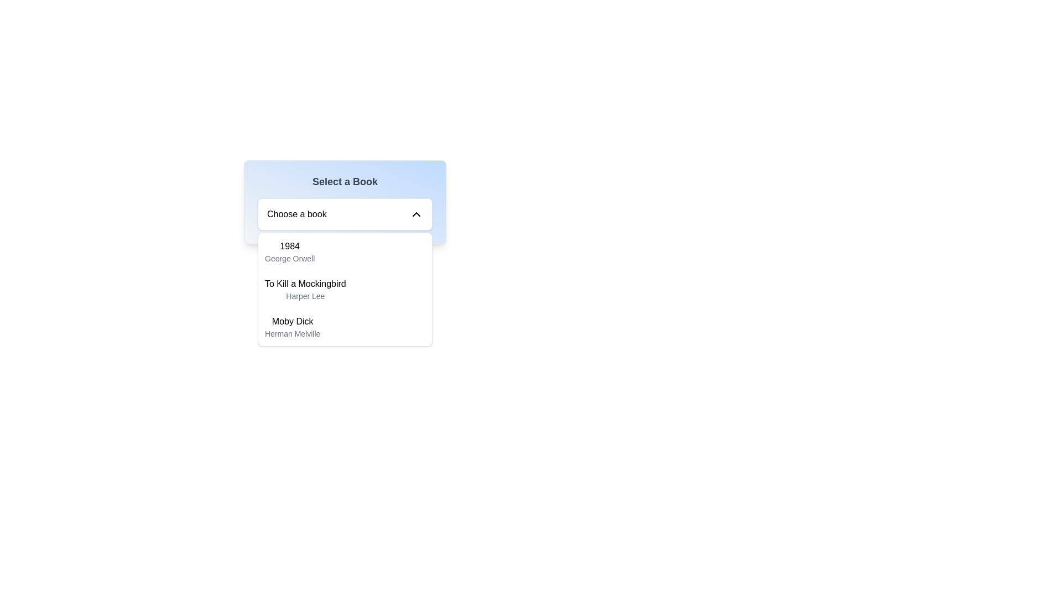 Image resolution: width=1062 pixels, height=597 pixels. What do you see at coordinates (293, 333) in the screenshot?
I see `the text label displaying 'Herman Melville', which is located below the title 'Moby Dick' in the dropdown menu list` at bounding box center [293, 333].